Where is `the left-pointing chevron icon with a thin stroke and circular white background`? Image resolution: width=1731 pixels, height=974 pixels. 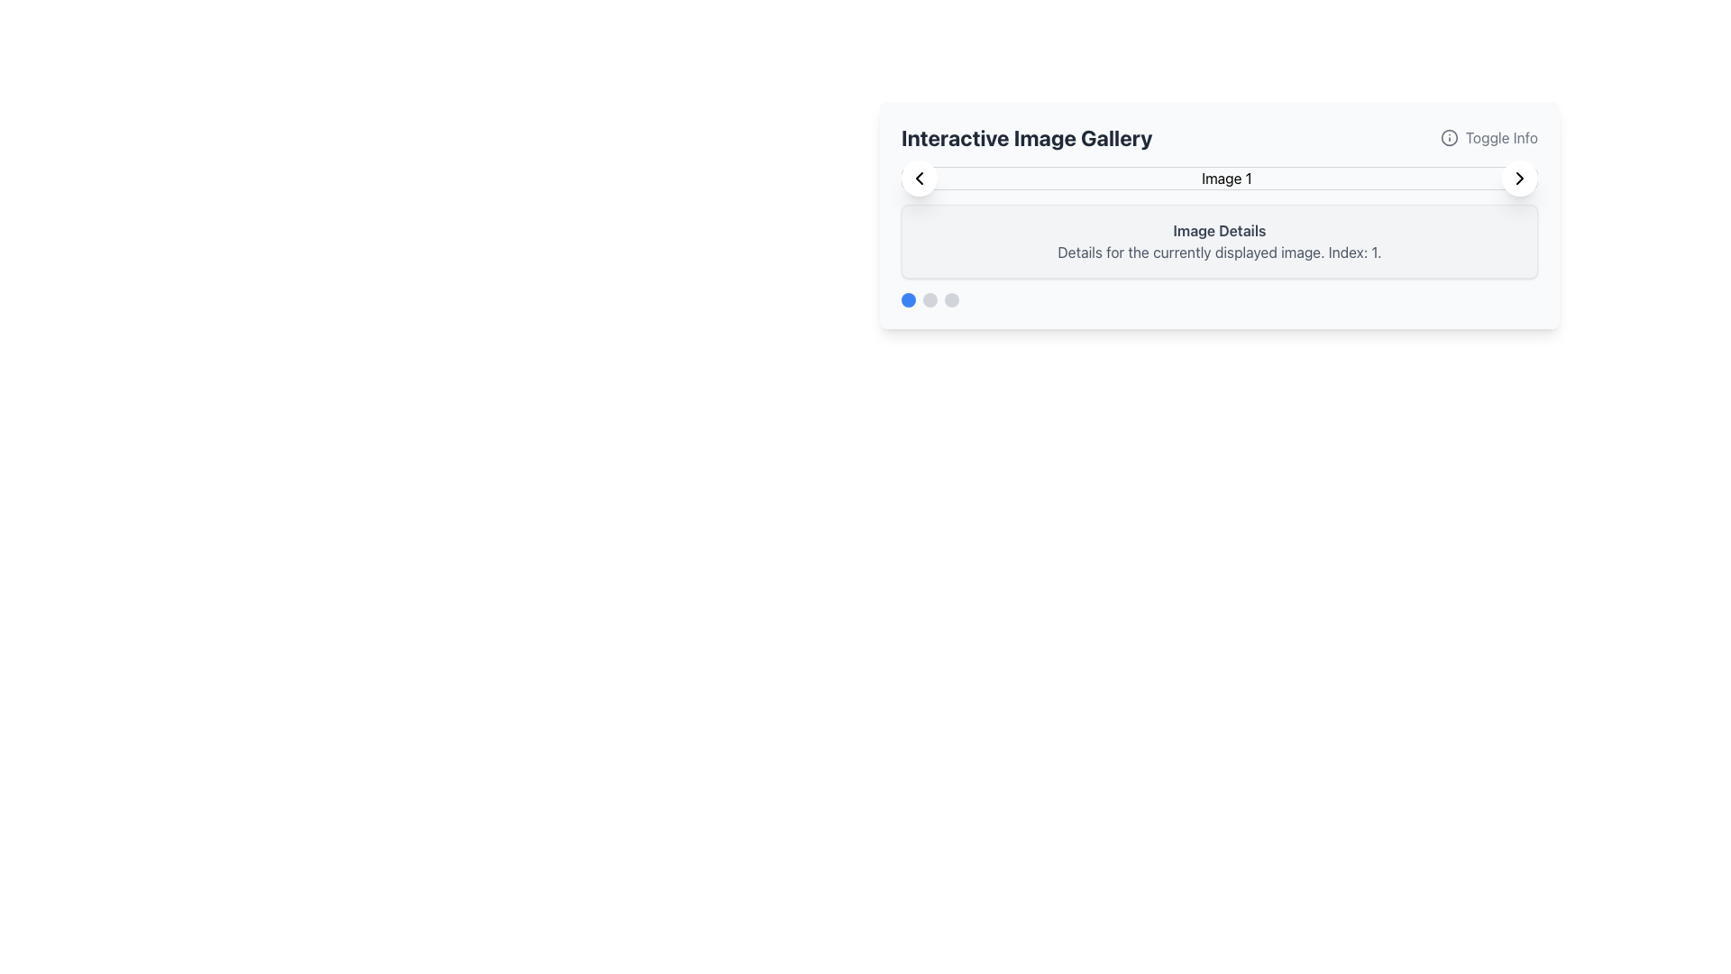 the left-pointing chevron icon with a thin stroke and circular white background is located at coordinates (919, 178).